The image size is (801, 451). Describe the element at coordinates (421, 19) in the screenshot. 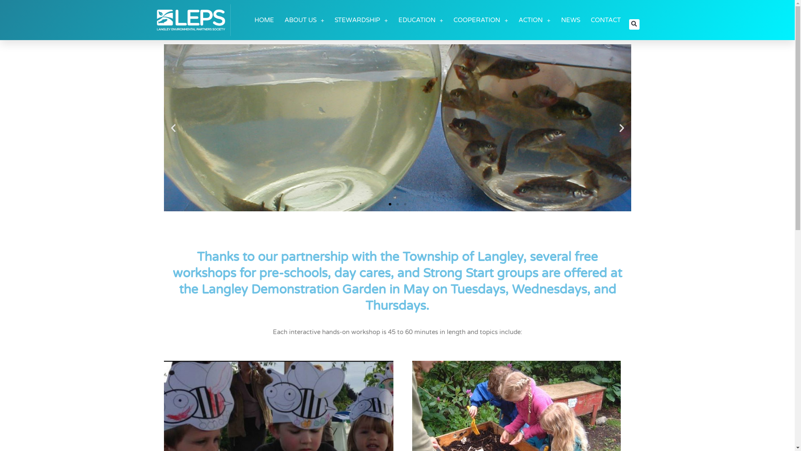

I see `'EDUCATION'` at that location.